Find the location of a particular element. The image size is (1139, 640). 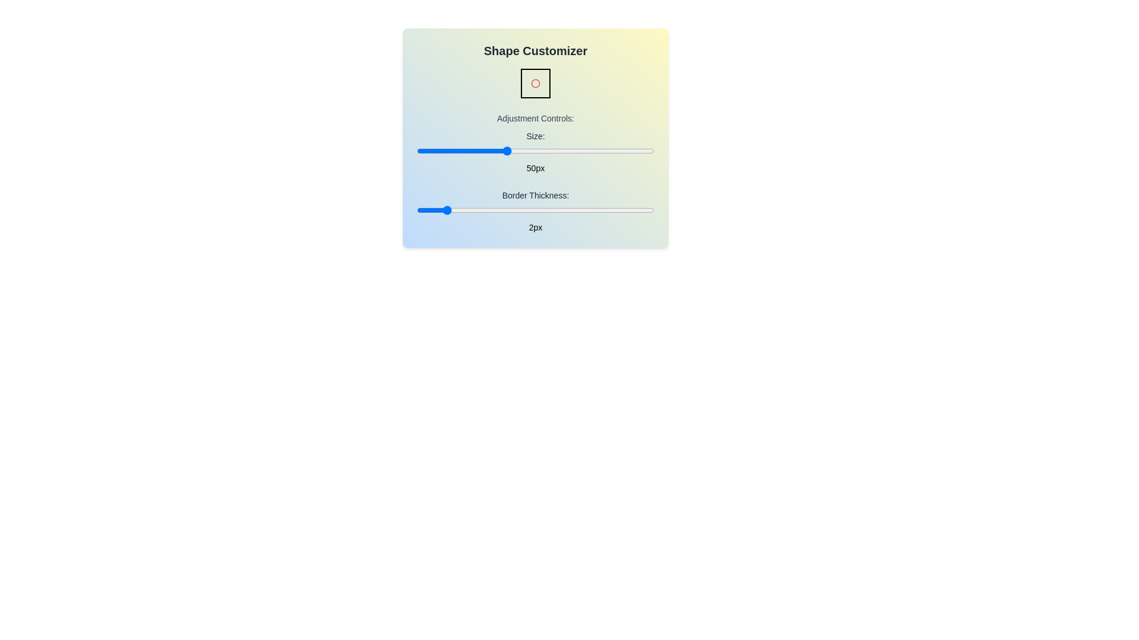

the size slider to interact with it is located at coordinates (534, 150).